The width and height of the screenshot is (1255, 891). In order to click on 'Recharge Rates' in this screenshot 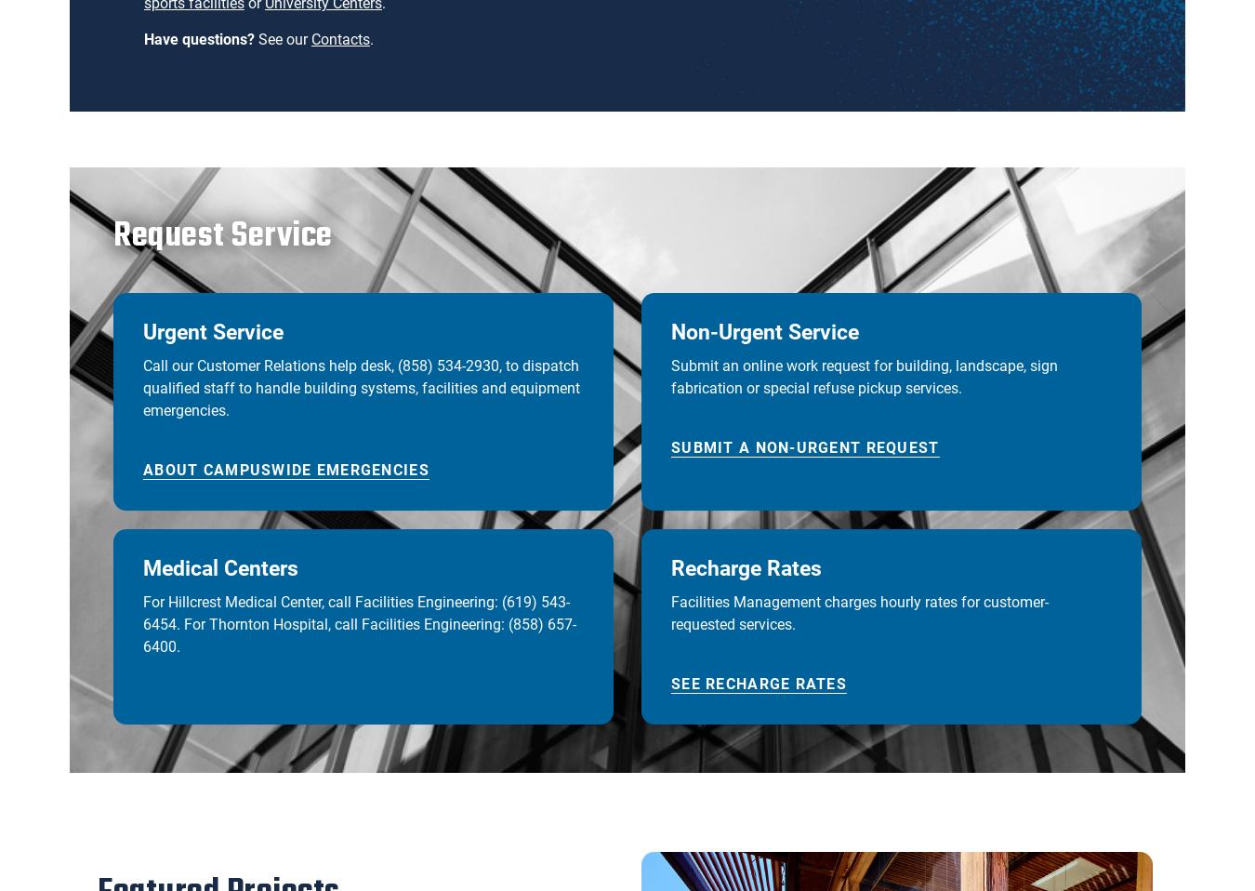, I will do `click(746, 568)`.